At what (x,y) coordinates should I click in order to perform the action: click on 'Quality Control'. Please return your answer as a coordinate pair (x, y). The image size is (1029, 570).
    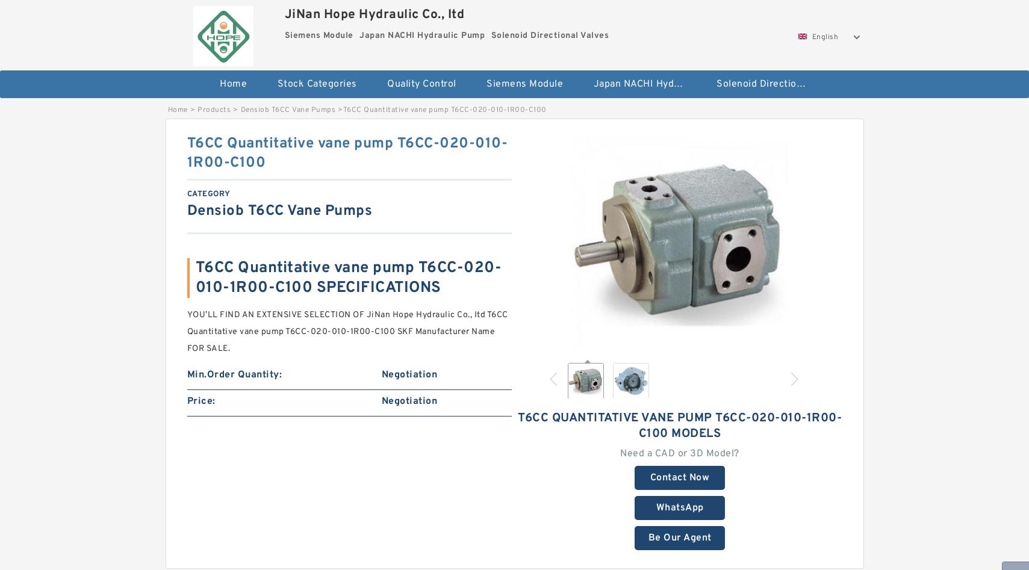
    Looking at the image, I should click on (421, 83).